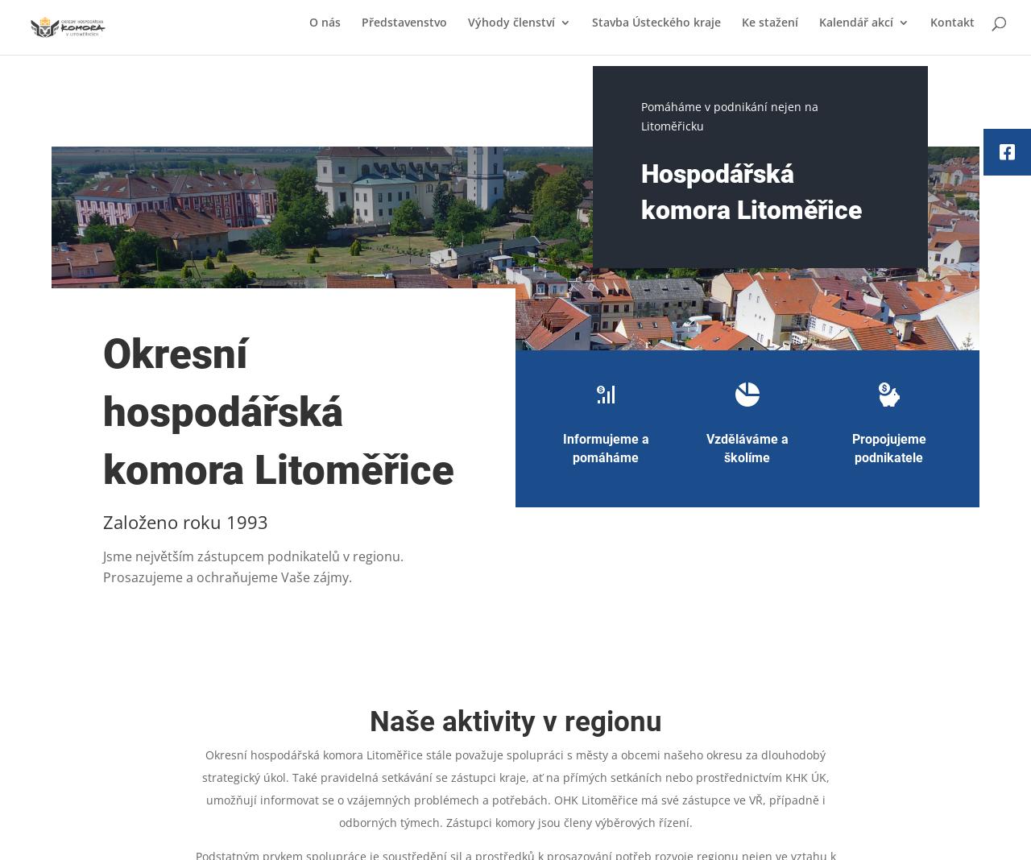 The image size is (1031, 860). What do you see at coordinates (749, 191) in the screenshot?
I see `'Hospodářská komora Litoměřice'` at bounding box center [749, 191].